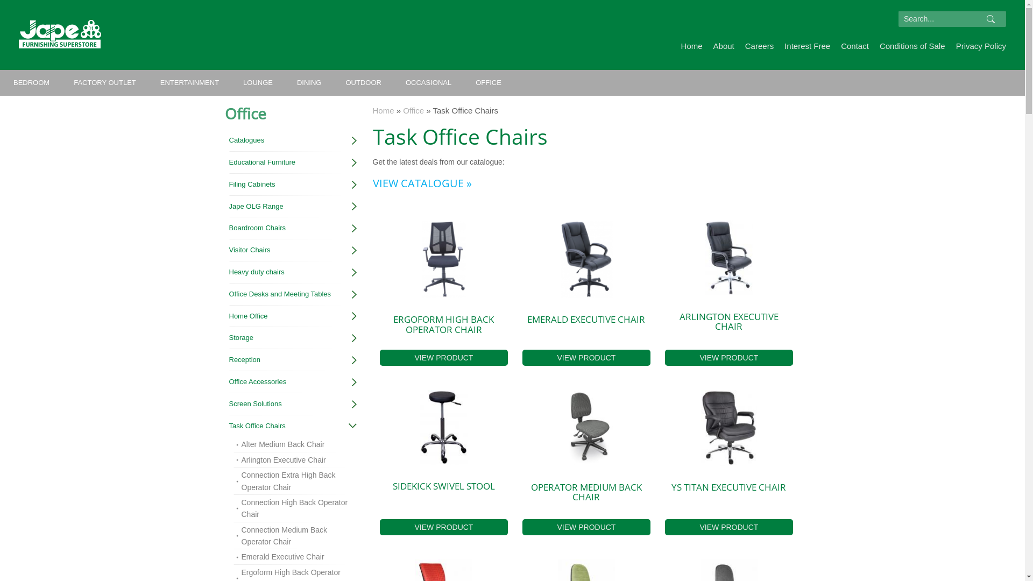  What do you see at coordinates (296, 480) in the screenshot?
I see `'Connection Extra High Back Operator Chair'` at bounding box center [296, 480].